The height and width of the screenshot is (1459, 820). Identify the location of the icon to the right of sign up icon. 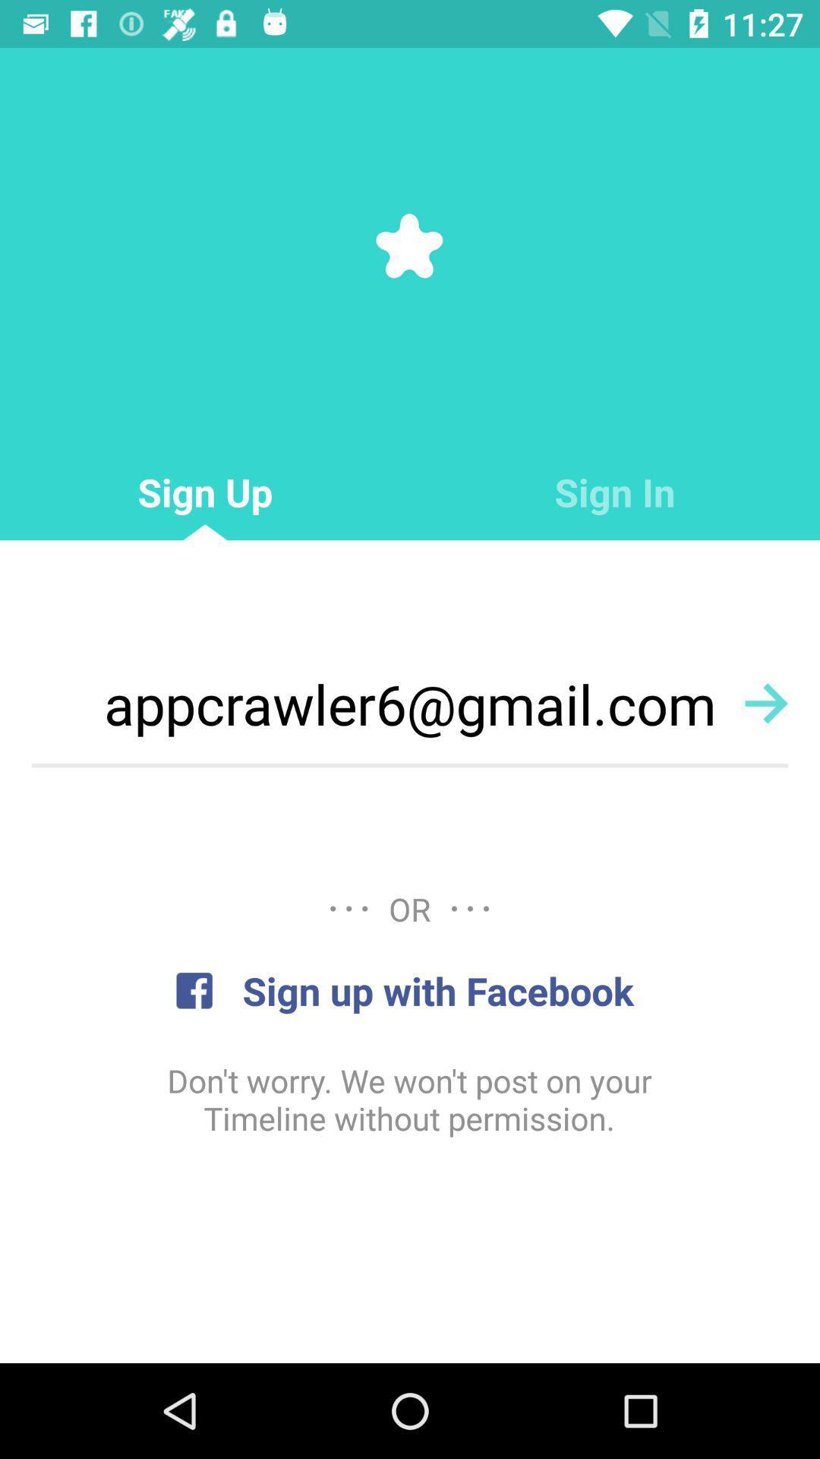
(615, 492).